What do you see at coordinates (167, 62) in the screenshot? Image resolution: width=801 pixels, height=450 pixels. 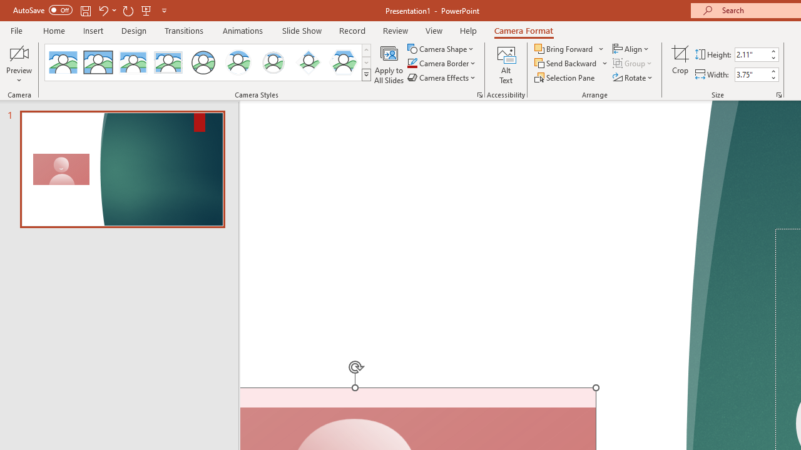 I see `'Soft Edge Rectangle'` at bounding box center [167, 62].